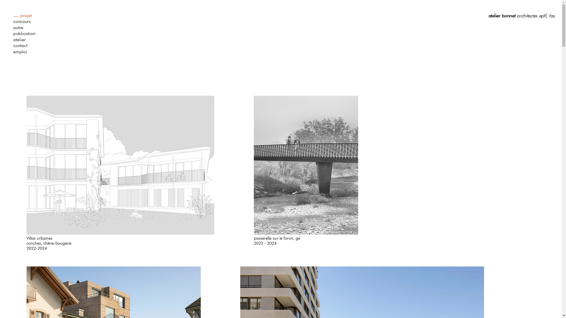  I want to click on 'atelier', so click(28, 40).